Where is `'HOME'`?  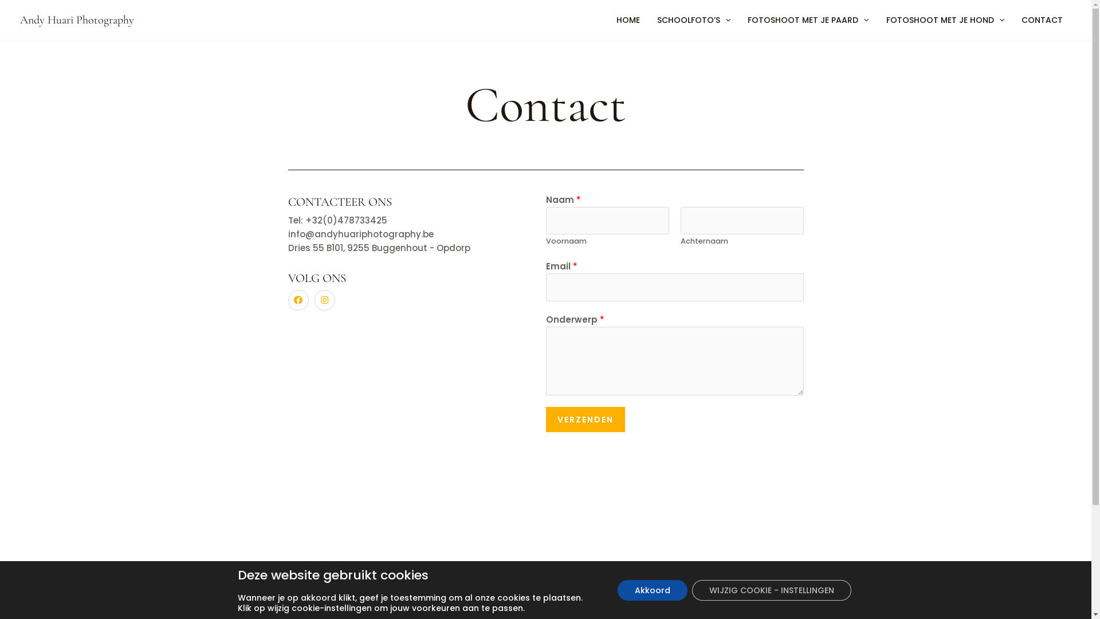 'HOME' is located at coordinates (627, 19).